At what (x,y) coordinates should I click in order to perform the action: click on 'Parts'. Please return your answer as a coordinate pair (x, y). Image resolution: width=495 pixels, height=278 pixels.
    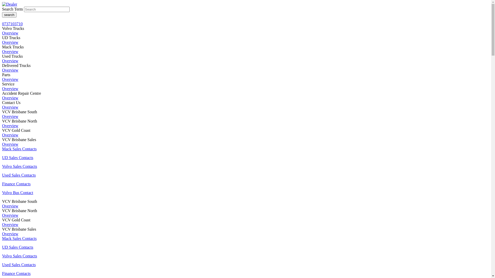
    Looking at the image, I should click on (6, 75).